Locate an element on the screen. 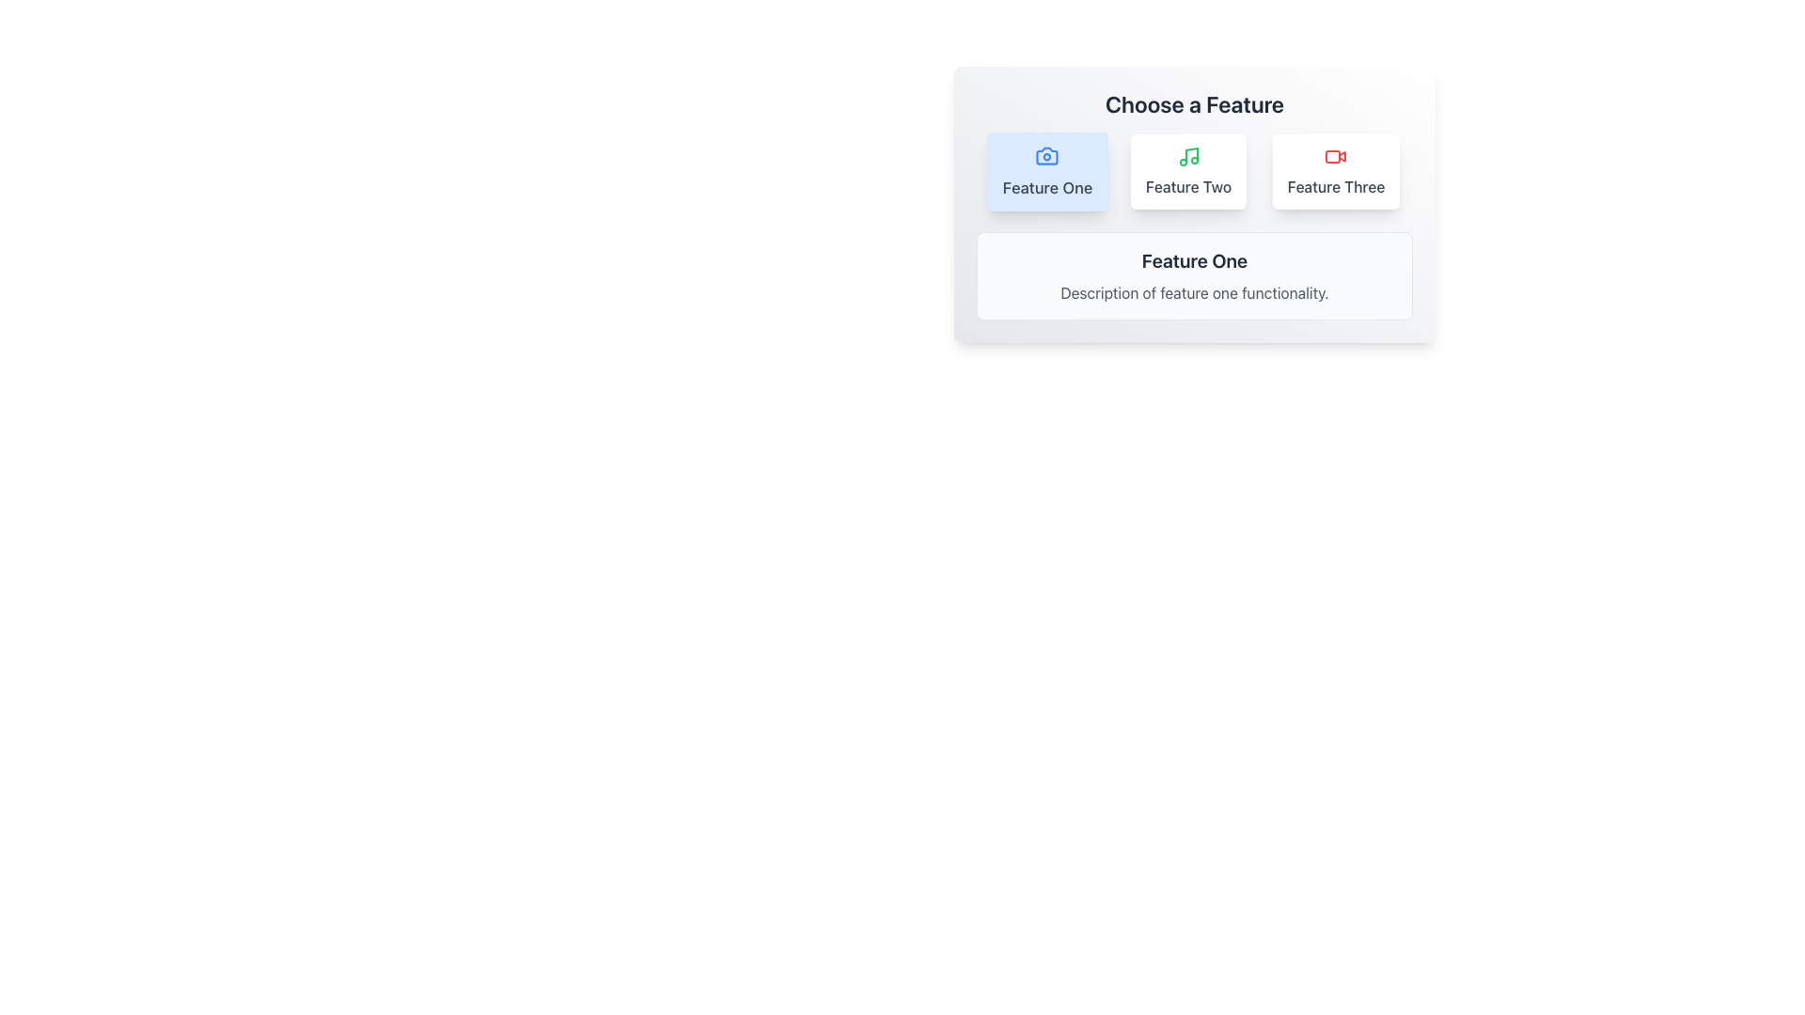 Image resolution: width=1805 pixels, height=1015 pixels. the 'Feature One' button, which is the leftmost button styled with a light blue background and a camera icon above the text is located at coordinates (1046, 171).